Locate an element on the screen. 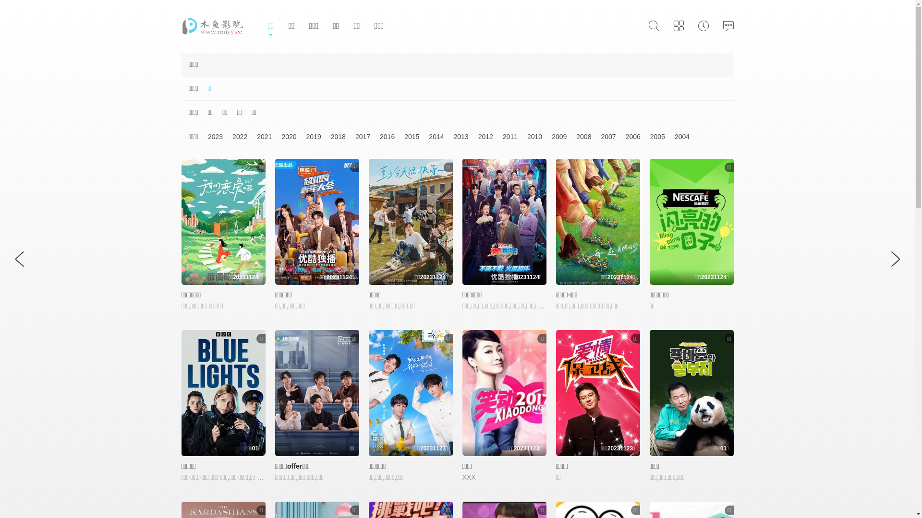 Image resolution: width=922 pixels, height=518 pixels. '2004' is located at coordinates (677, 137).